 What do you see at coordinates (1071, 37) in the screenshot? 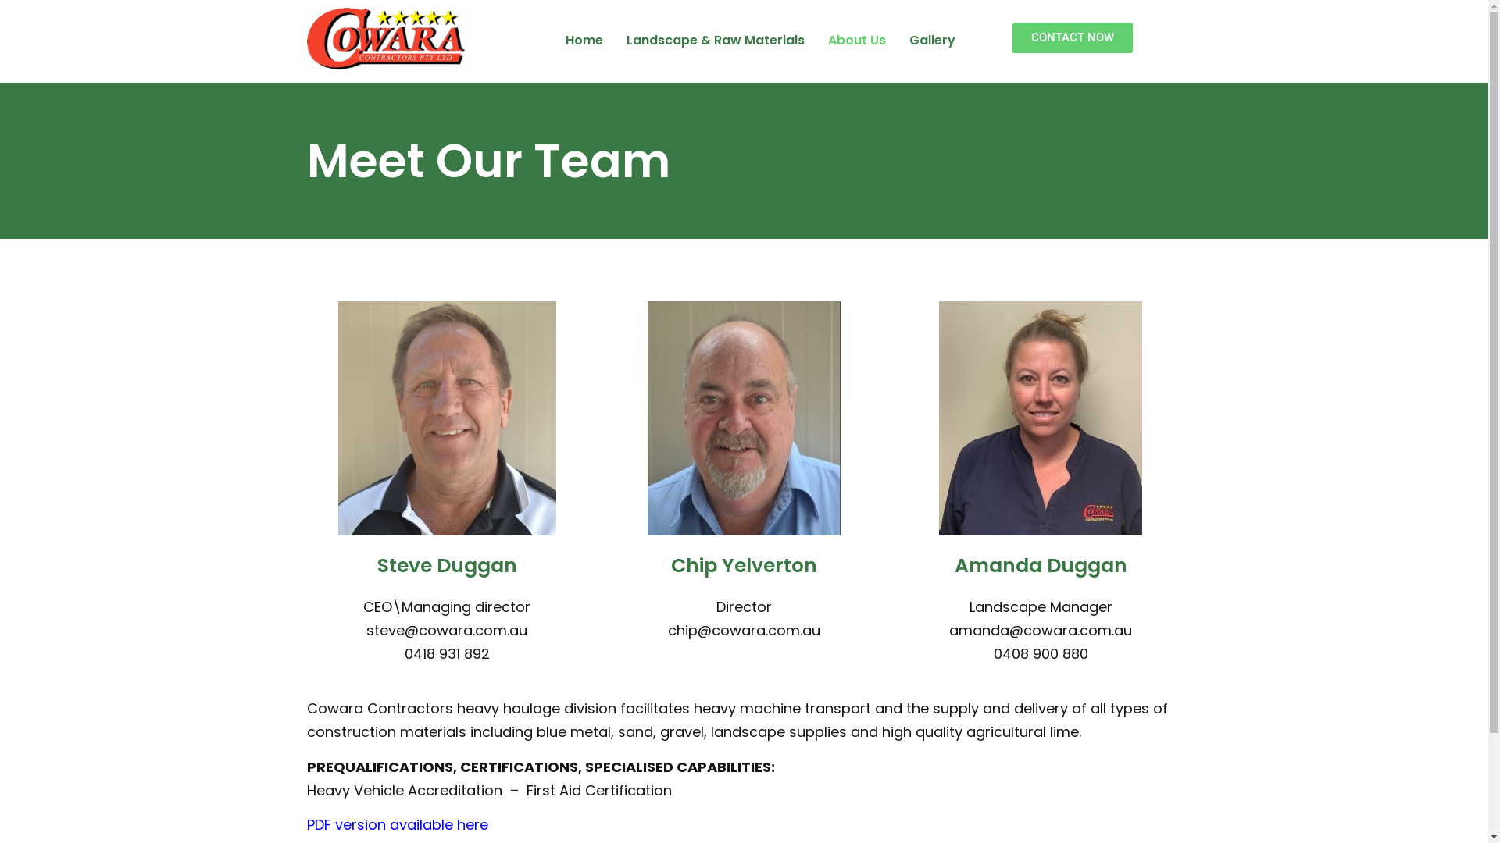
I see `'CONTACT NOW'` at bounding box center [1071, 37].